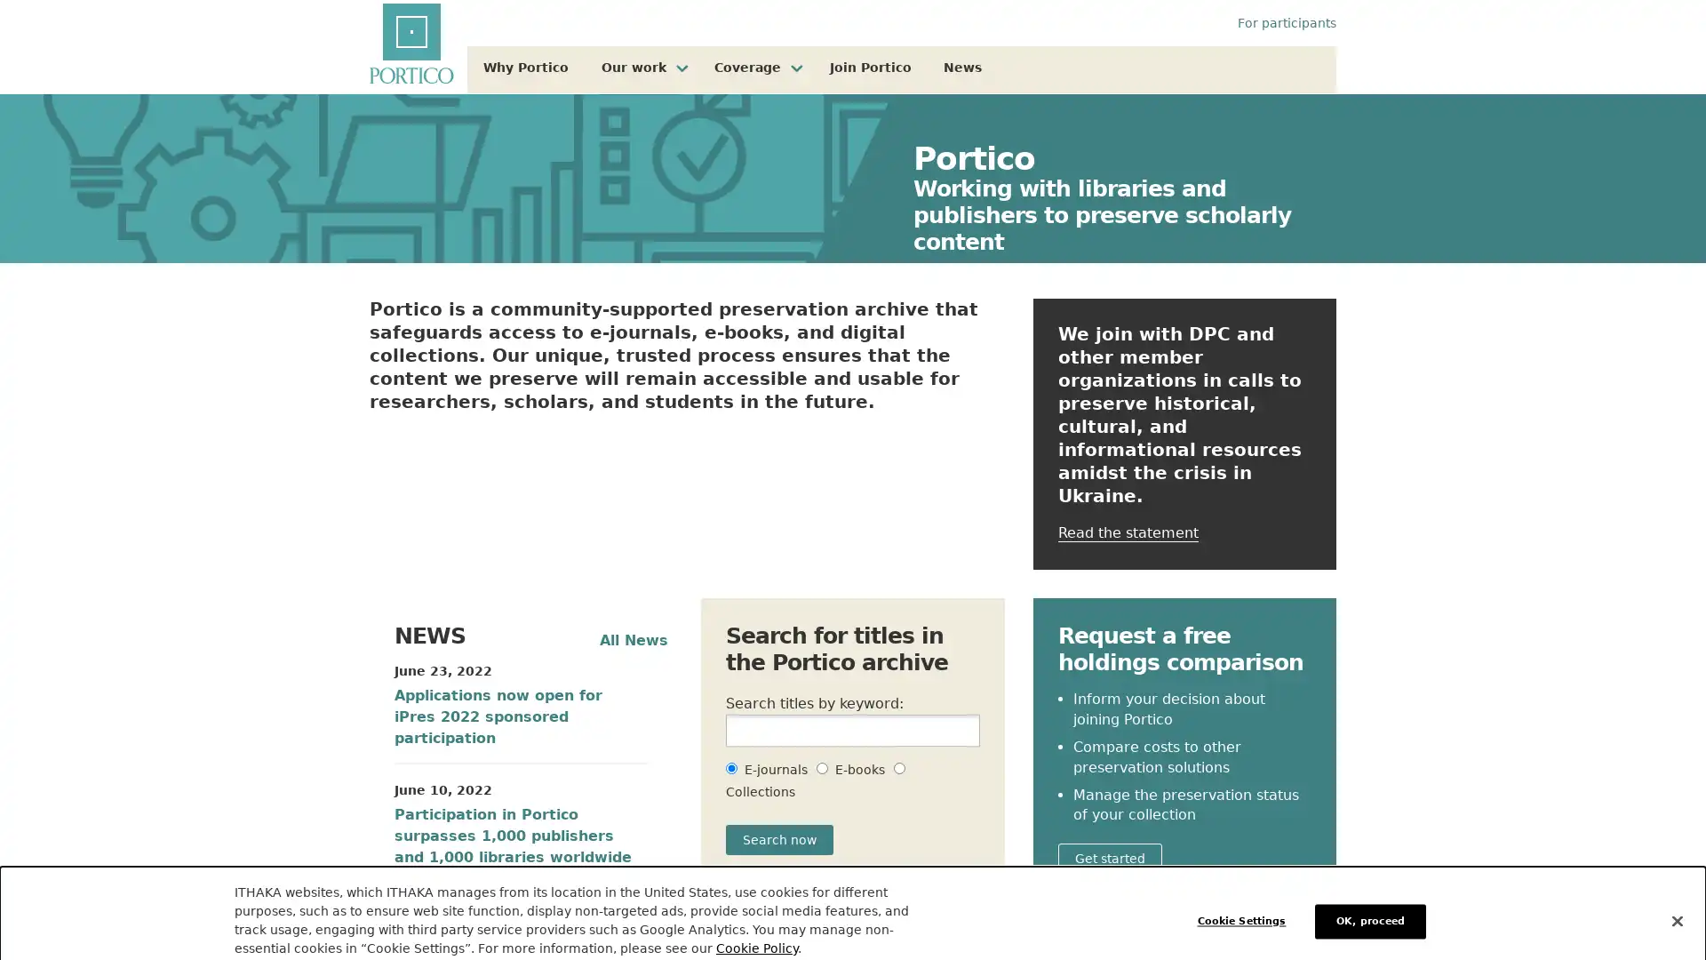  I want to click on Close, so click(1676, 902).